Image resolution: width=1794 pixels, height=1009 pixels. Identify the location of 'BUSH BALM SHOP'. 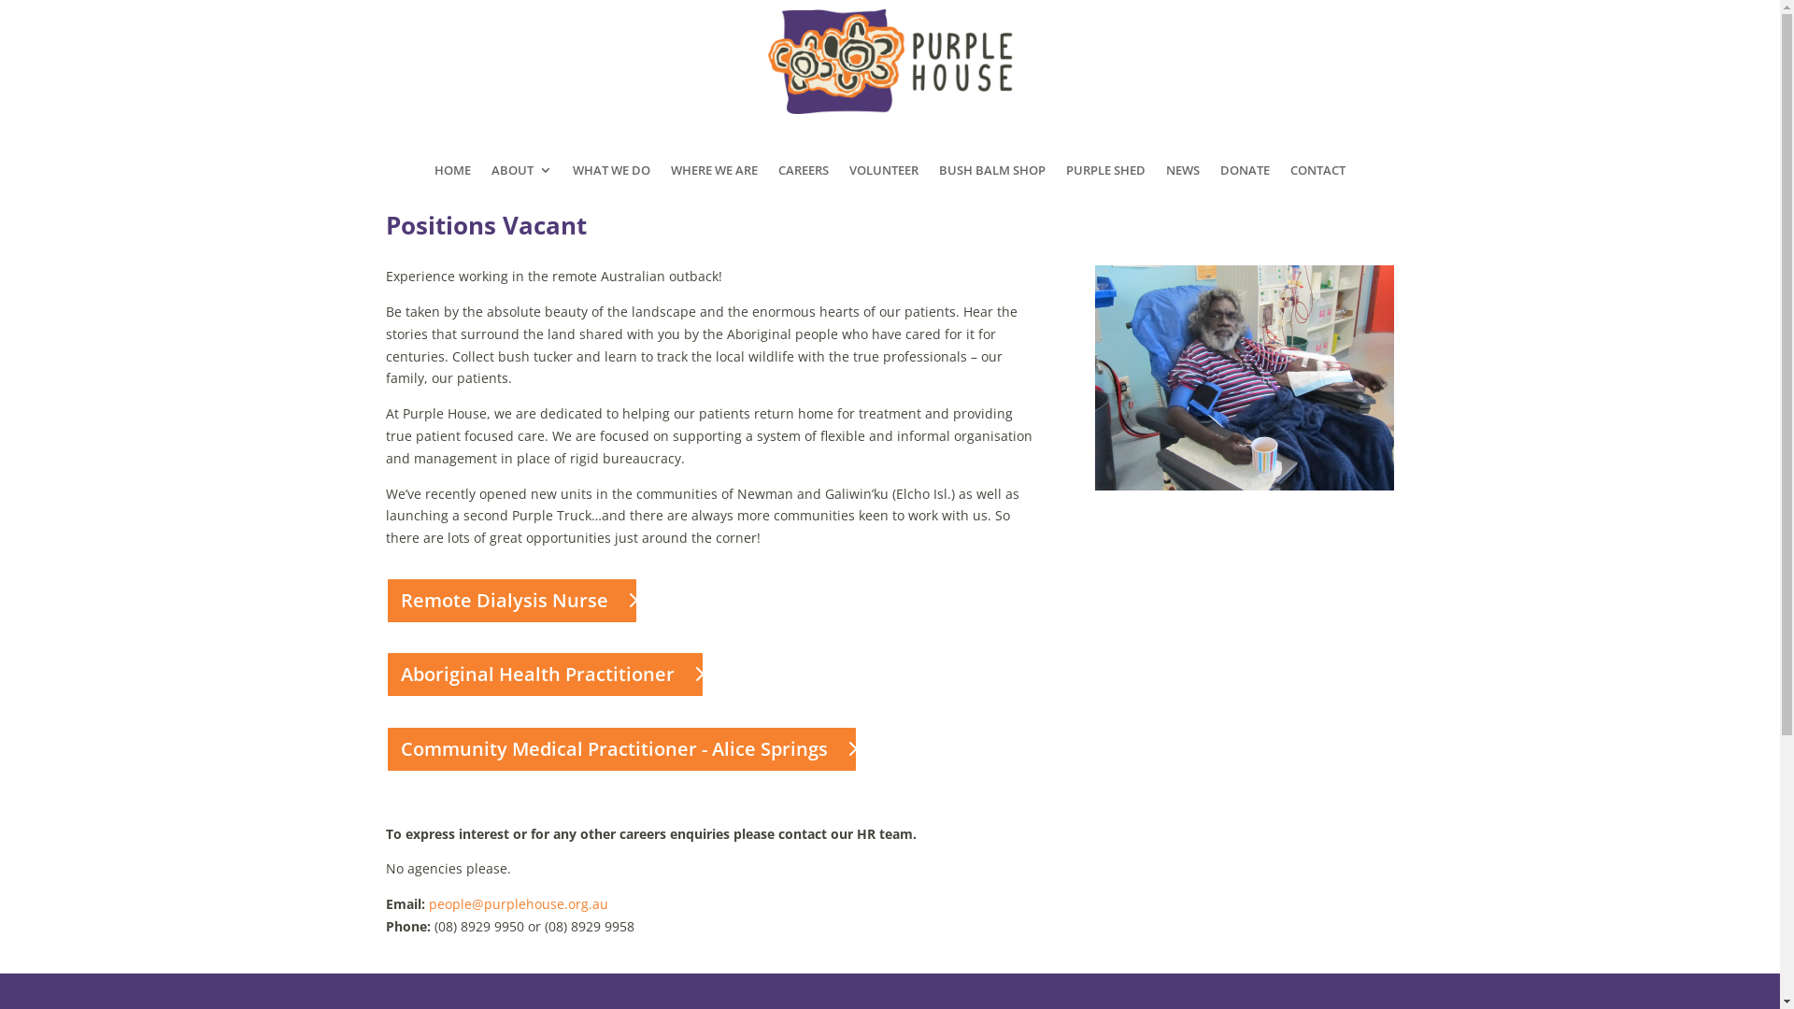
(990, 183).